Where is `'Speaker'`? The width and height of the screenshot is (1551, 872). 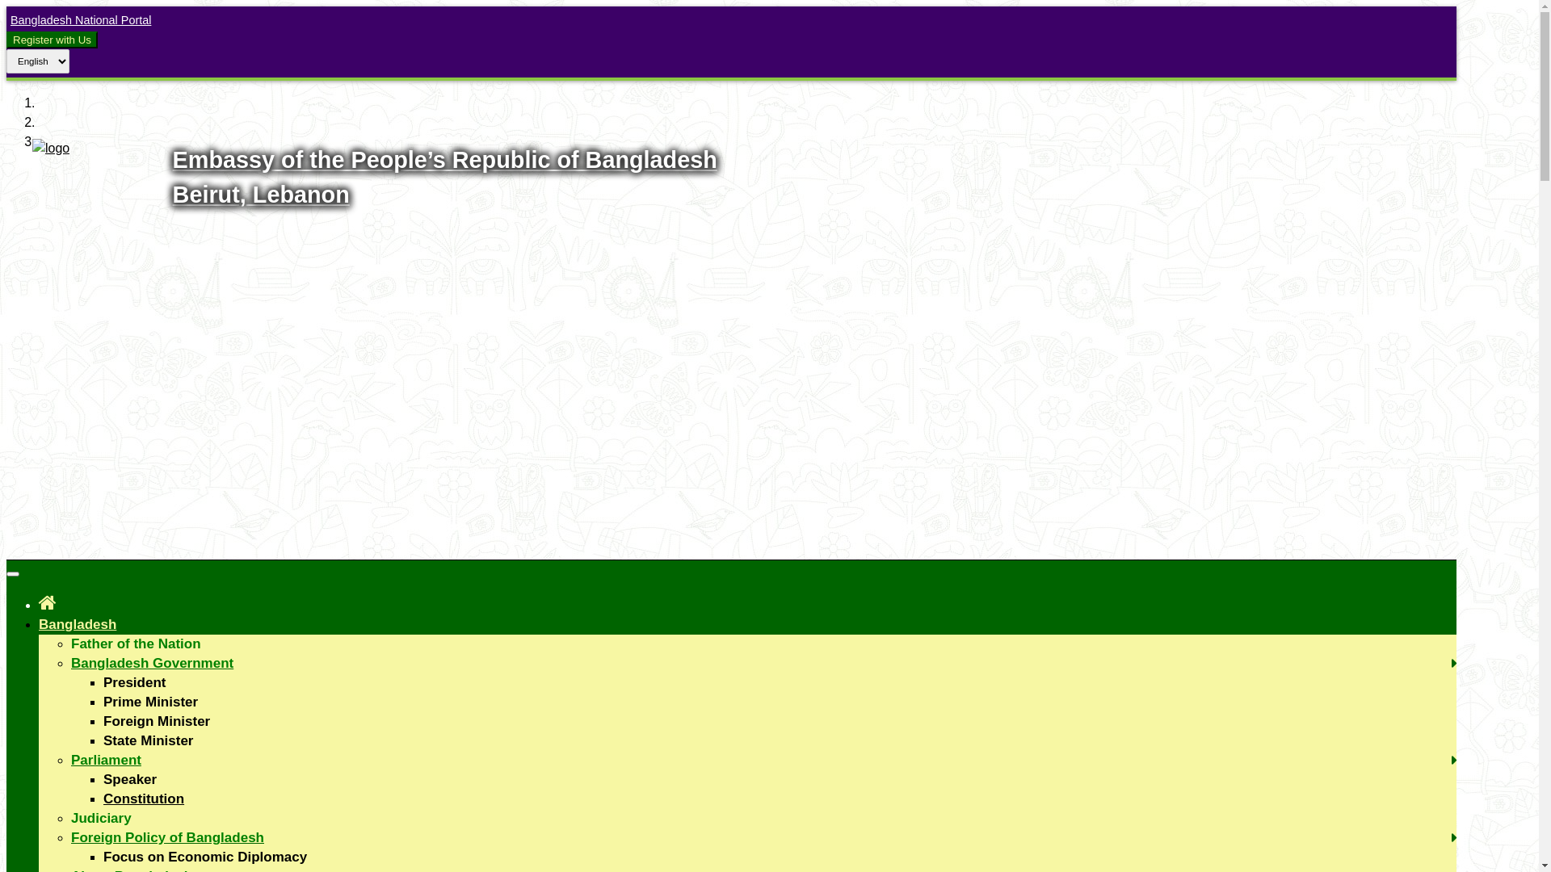
'Speaker' is located at coordinates (103, 778).